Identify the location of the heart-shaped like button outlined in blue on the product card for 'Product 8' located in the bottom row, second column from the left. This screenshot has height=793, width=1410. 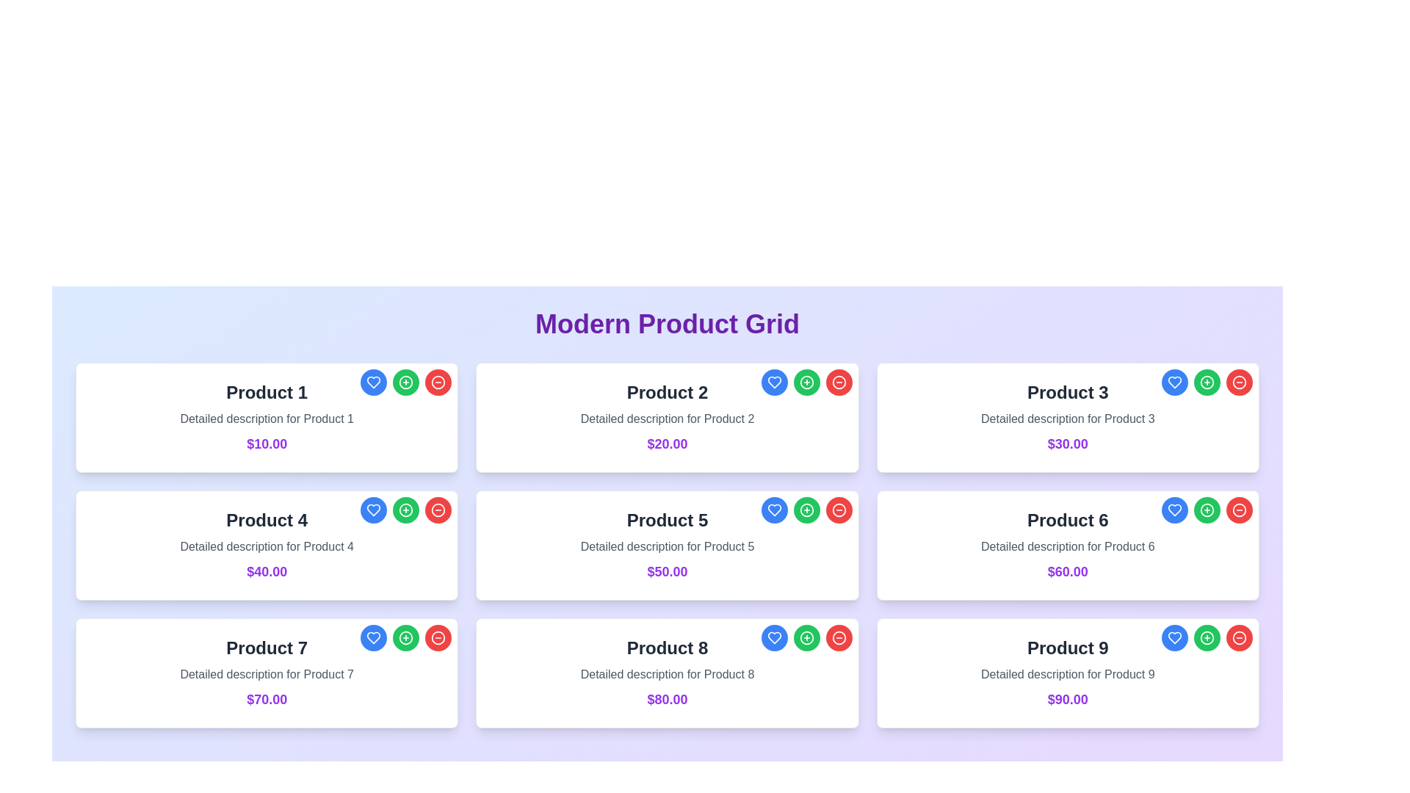
(773, 637).